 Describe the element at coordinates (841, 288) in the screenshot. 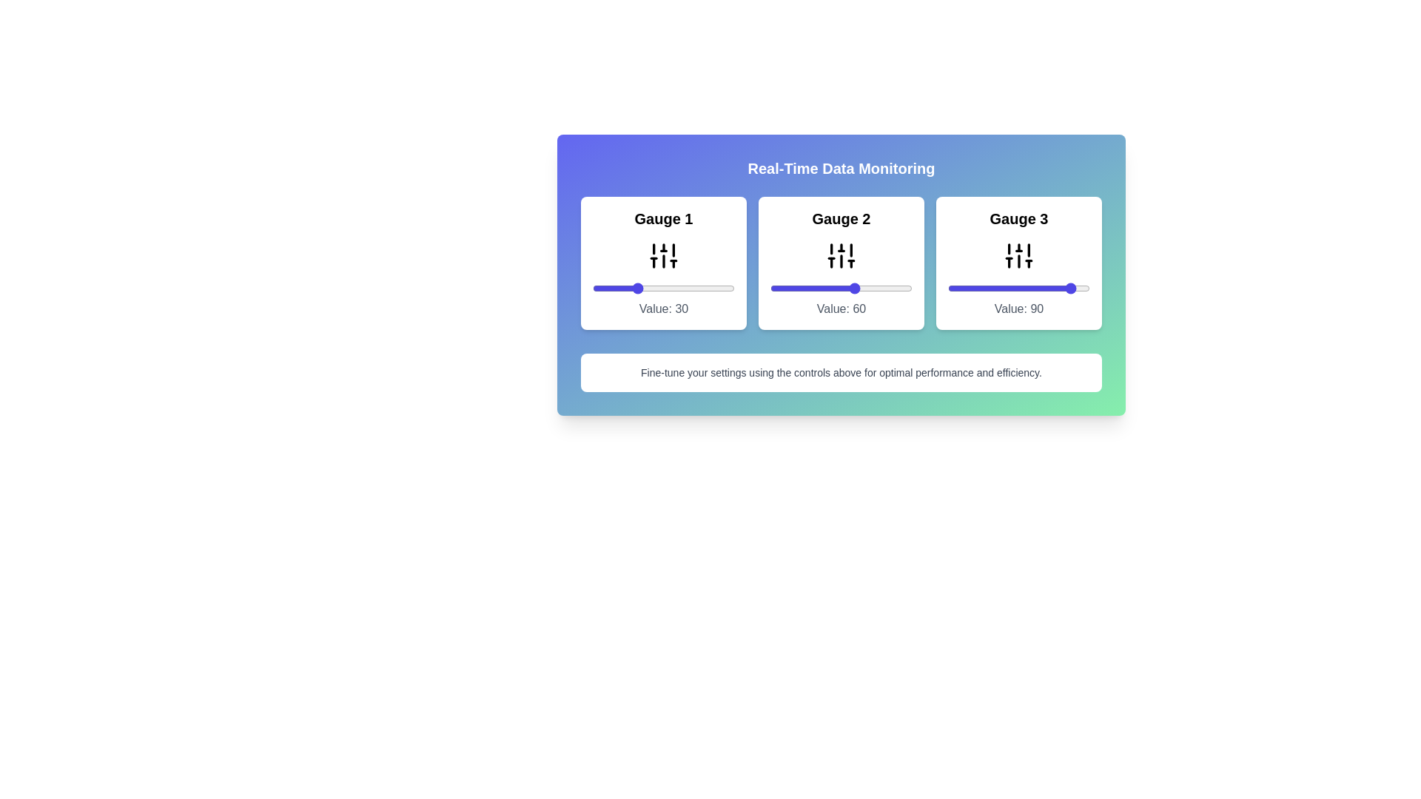

I see `the track of the horizontal slider labeled 'Gauge 2' to set the thumb position` at that location.